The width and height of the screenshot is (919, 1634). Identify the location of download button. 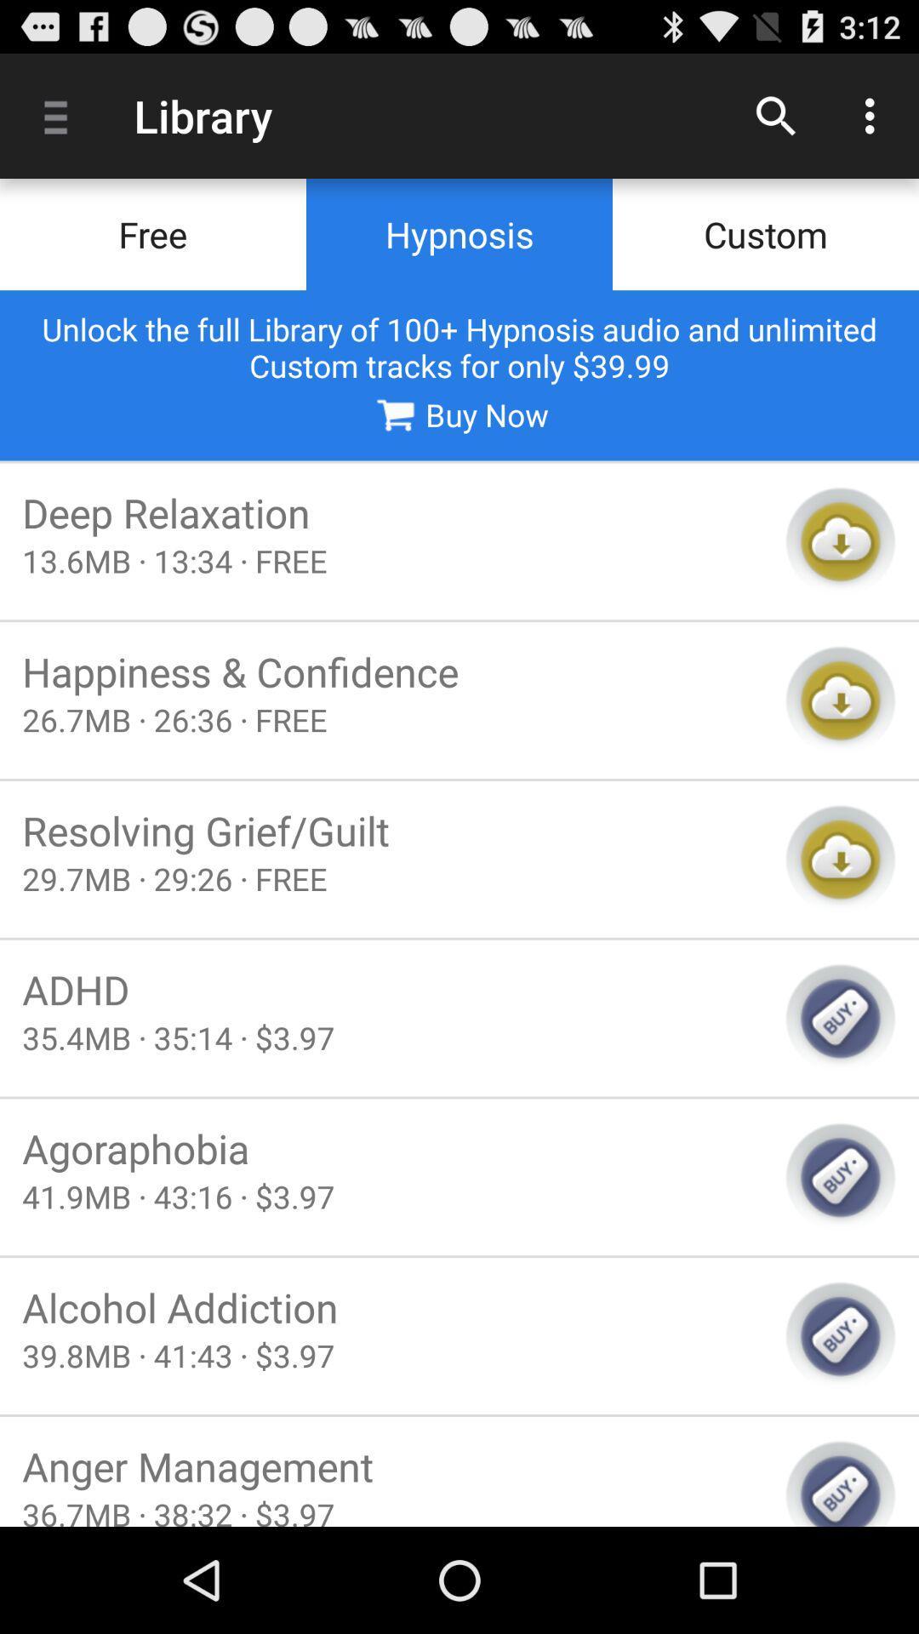
(840, 859).